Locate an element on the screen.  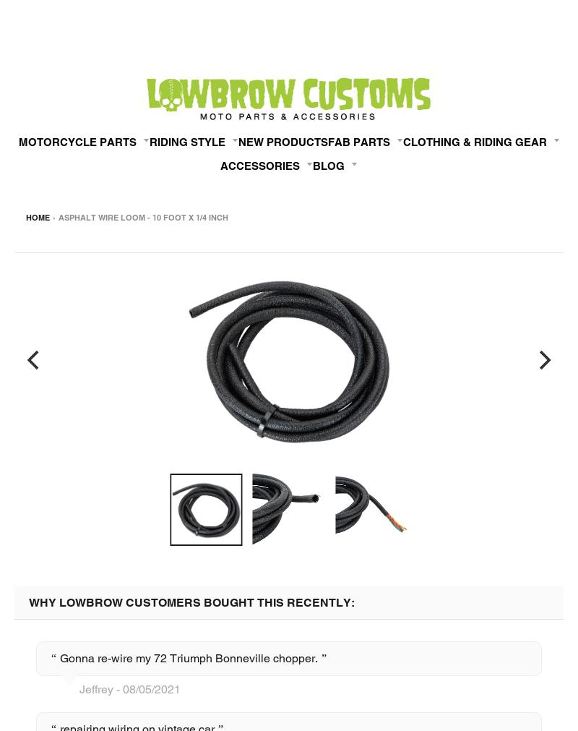
'08/05/2020' is located at coordinates (543, 362).